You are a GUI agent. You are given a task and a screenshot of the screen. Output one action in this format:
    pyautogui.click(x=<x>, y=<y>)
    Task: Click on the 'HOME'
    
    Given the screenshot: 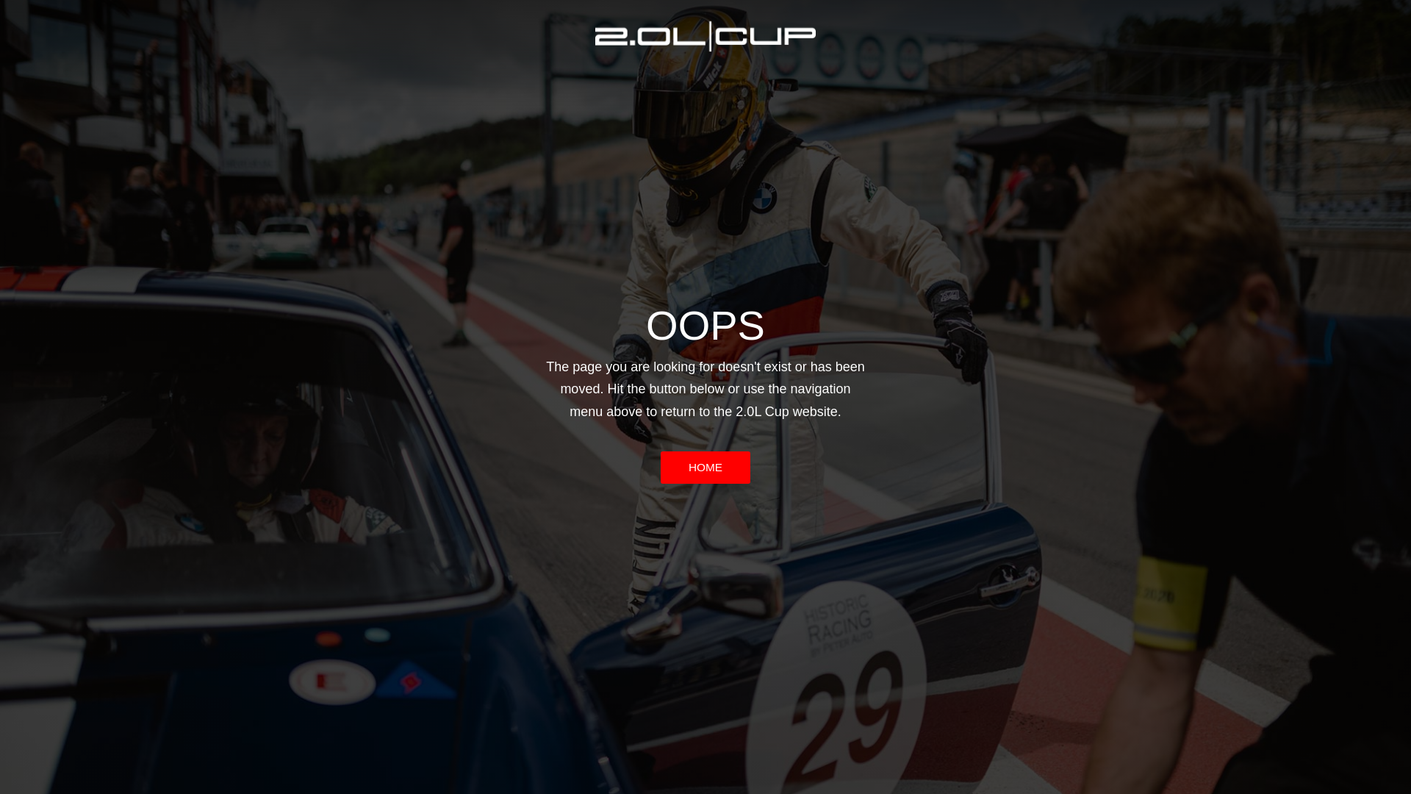 What is the action you would take?
    pyautogui.click(x=705, y=468)
    